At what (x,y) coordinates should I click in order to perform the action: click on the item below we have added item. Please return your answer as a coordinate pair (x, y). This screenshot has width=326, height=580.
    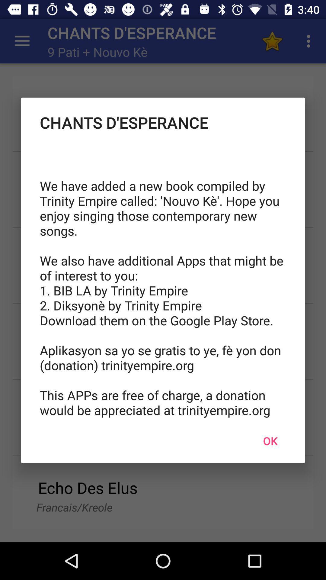
    Looking at the image, I should click on (270, 441).